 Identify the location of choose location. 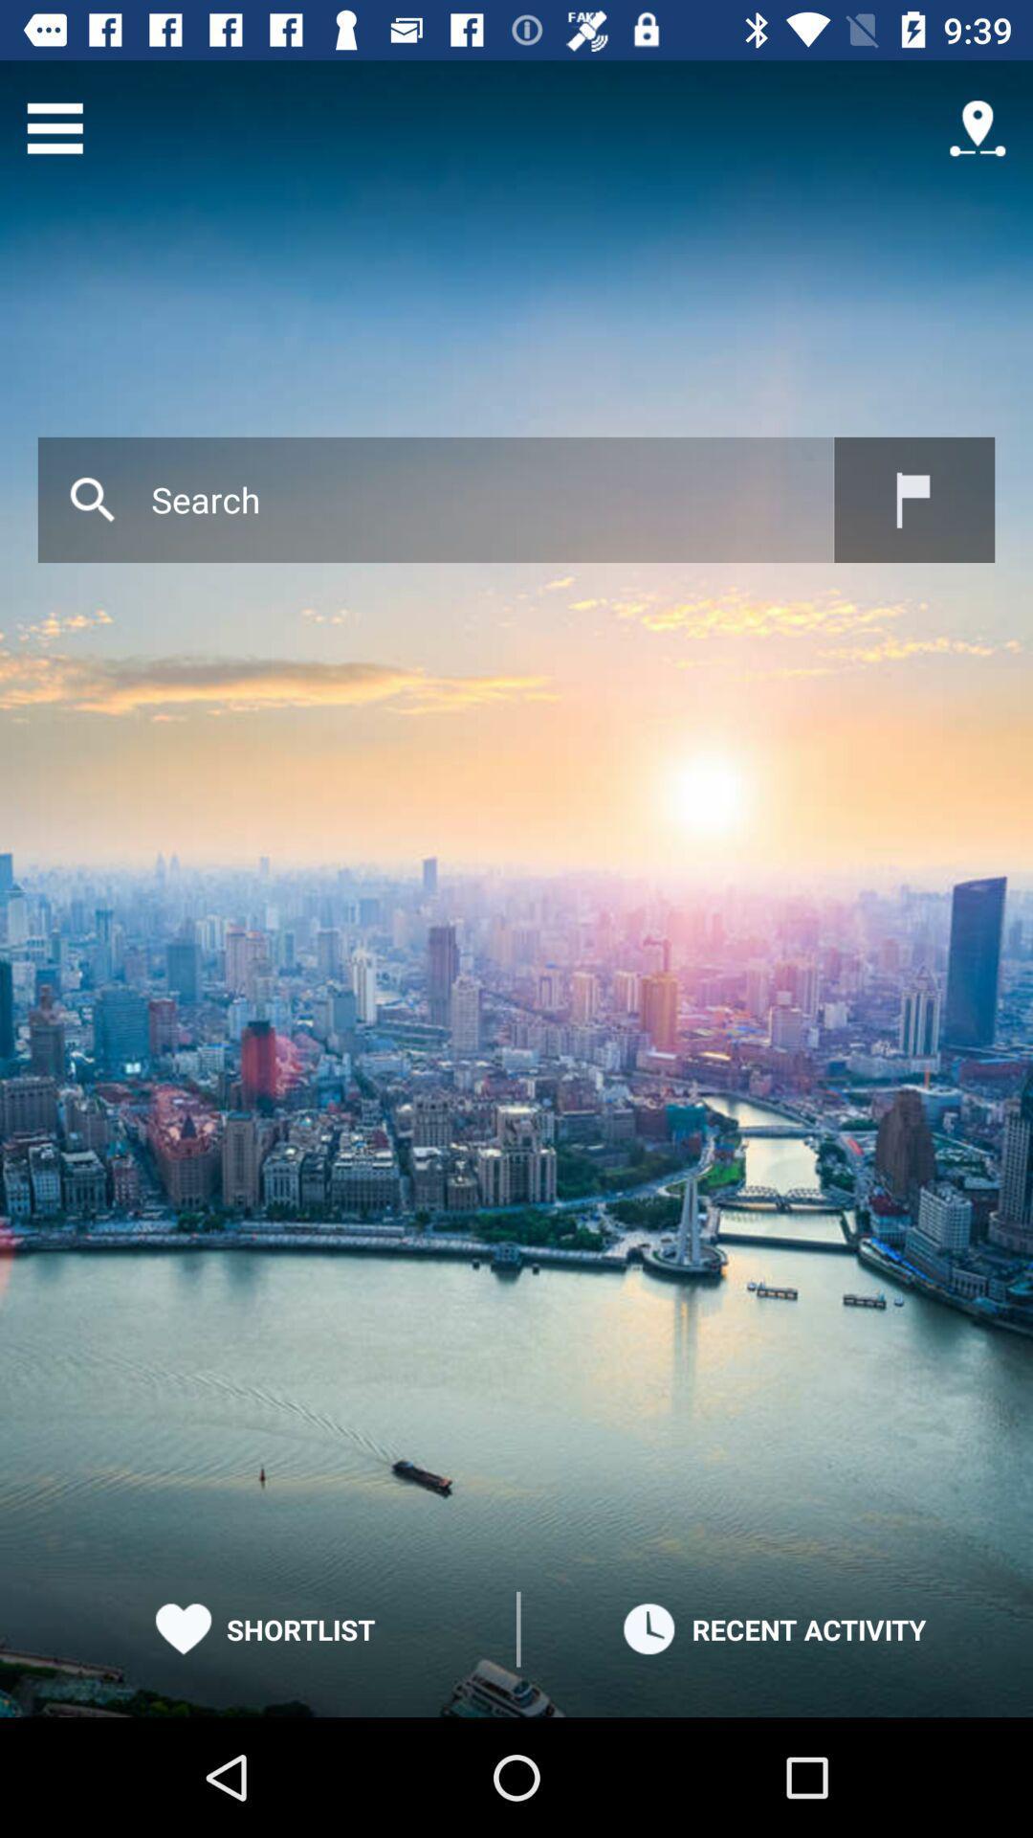
(913, 500).